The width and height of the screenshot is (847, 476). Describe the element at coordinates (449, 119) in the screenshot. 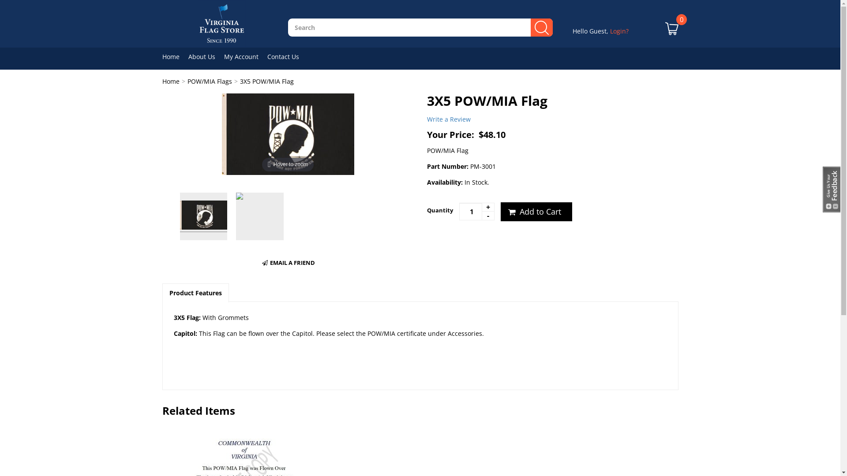

I see `'Write a Review'` at that location.